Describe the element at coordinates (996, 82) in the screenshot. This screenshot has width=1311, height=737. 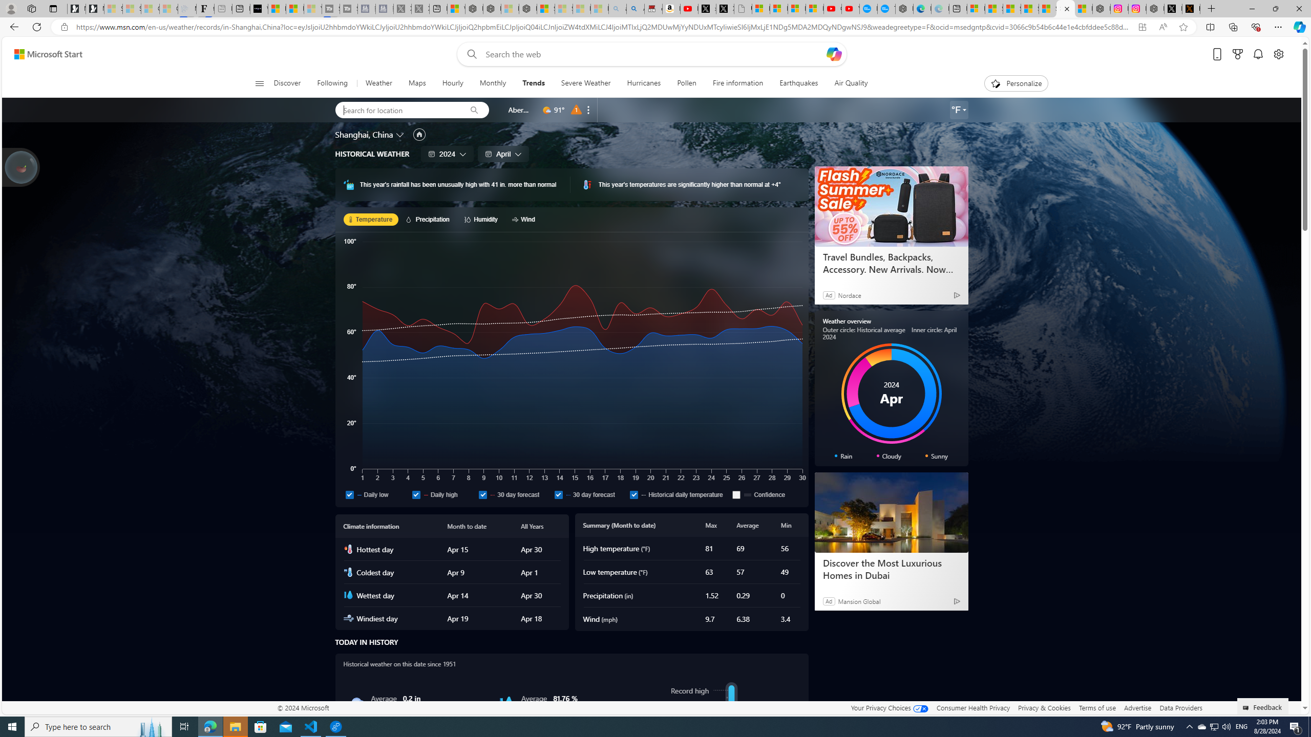
I see `'To get missing image descriptions, open the context menu.'` at that location.